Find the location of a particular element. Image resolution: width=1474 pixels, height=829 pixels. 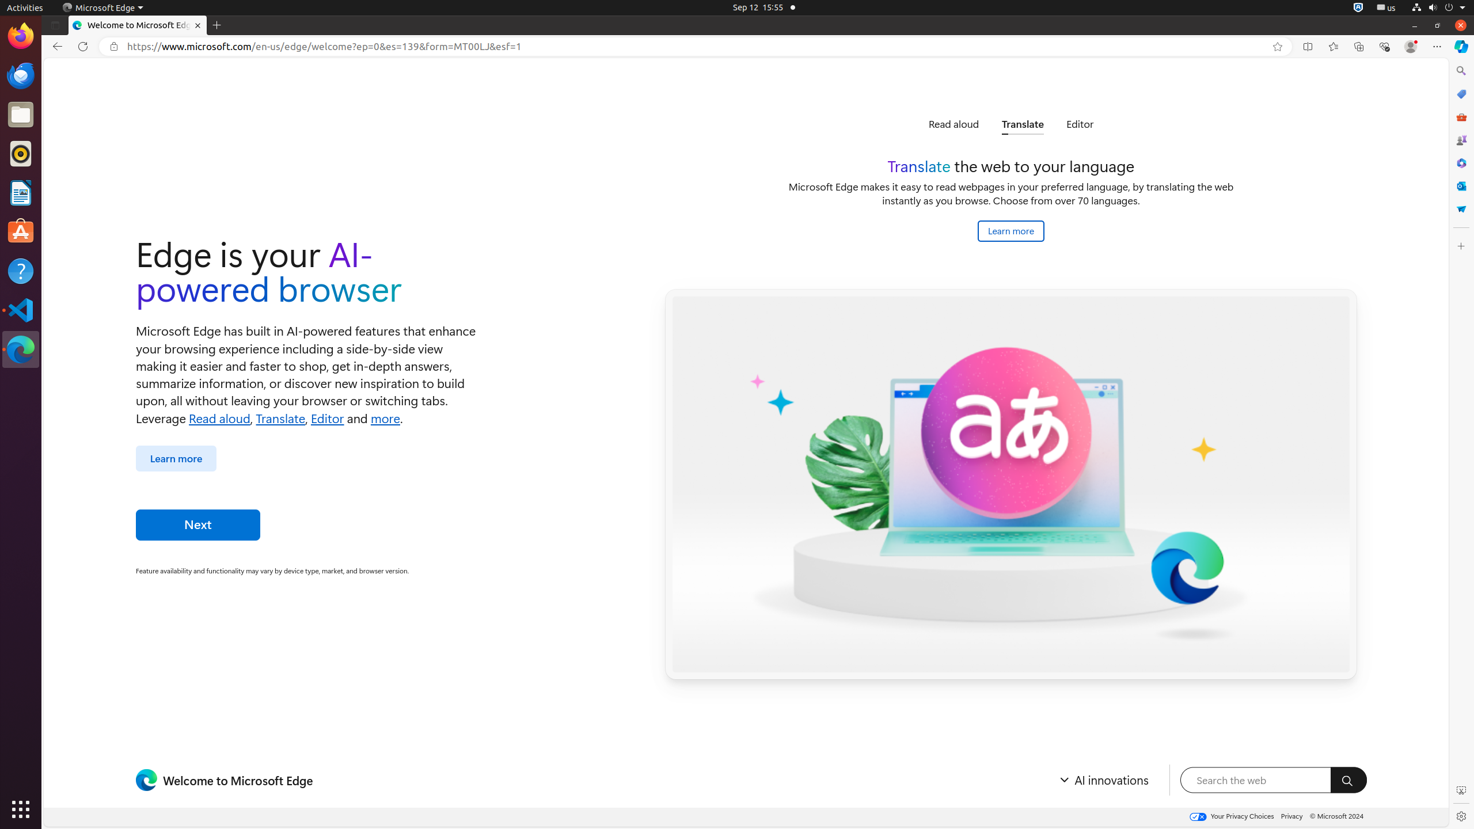

'Ubuntu Software' is located at coordinates (21, 231).